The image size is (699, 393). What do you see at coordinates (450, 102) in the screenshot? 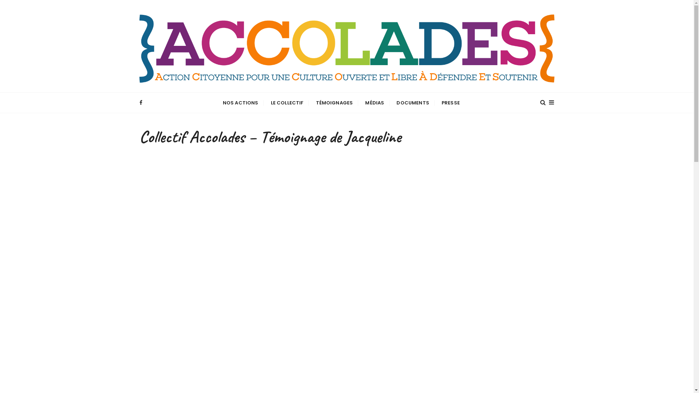
I see `'PRESSE'` at bounding box center [450, 102].